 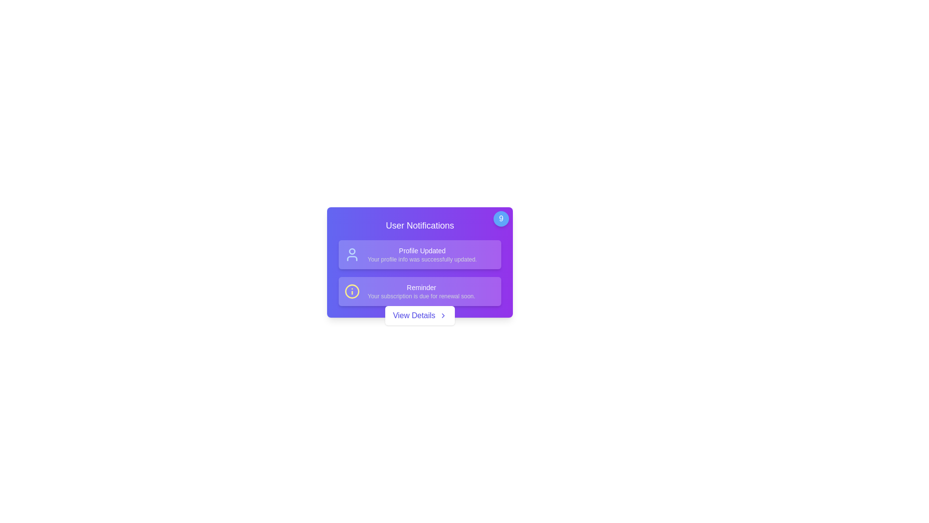 What do you see at coordinates (420, 315) in the screenshot?
I see `the 'View Details' button with a white background and indigo text located at the bottom center of the notification card` at bounding box center [420, 315].